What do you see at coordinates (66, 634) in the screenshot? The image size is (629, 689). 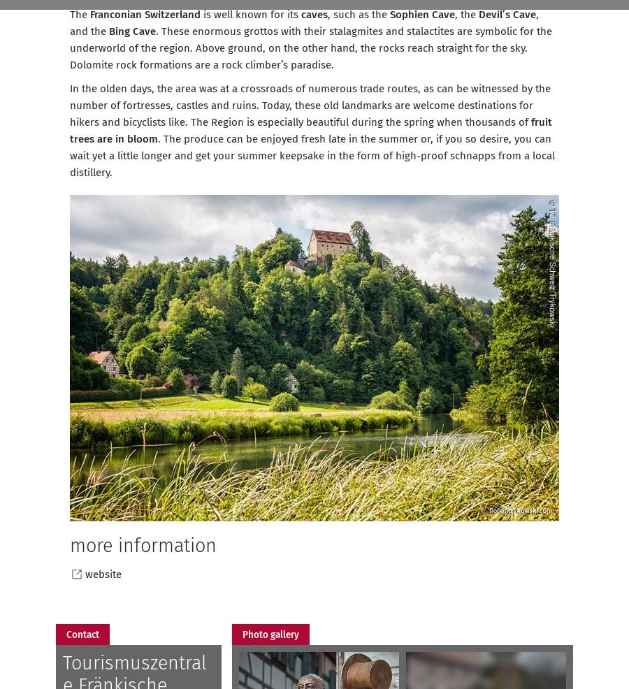 I see `'Contact'` at bounding box center [66, 634].